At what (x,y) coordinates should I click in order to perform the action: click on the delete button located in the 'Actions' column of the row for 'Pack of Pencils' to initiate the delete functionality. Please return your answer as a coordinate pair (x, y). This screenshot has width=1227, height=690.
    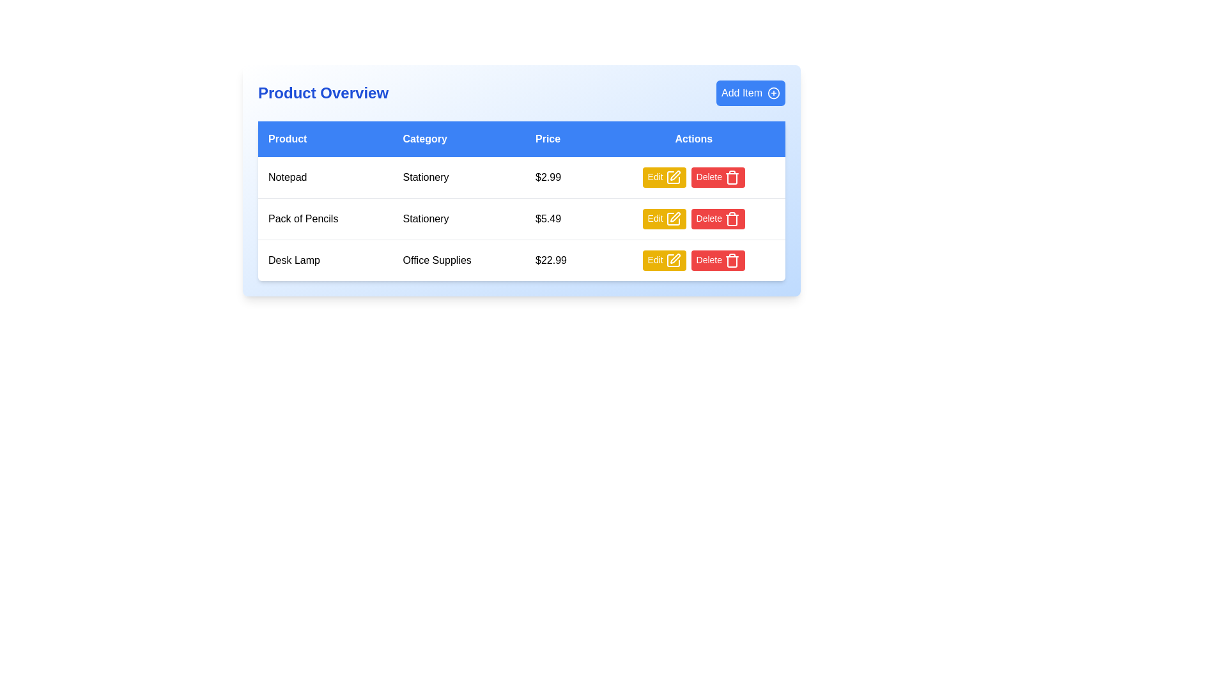
    Looking at the image, I should click on (718, 218).